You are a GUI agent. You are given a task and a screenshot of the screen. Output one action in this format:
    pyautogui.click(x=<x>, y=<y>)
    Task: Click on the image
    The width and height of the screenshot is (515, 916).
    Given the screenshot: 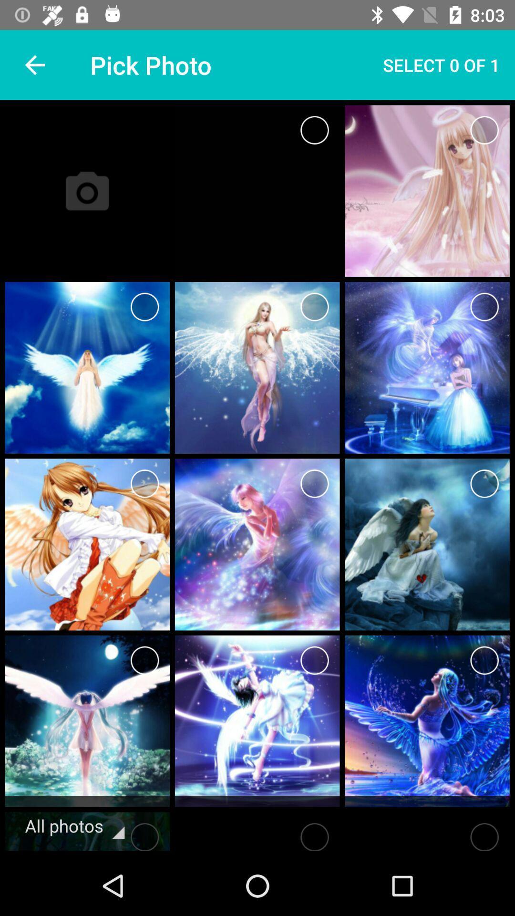 What is the action you would take?
    pyautogui.click(x=314, y=660)
    